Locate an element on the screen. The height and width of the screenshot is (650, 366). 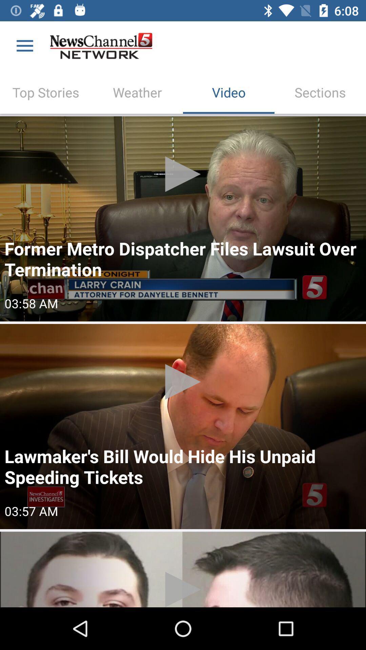
press to play is located at coordinates (183, 219).